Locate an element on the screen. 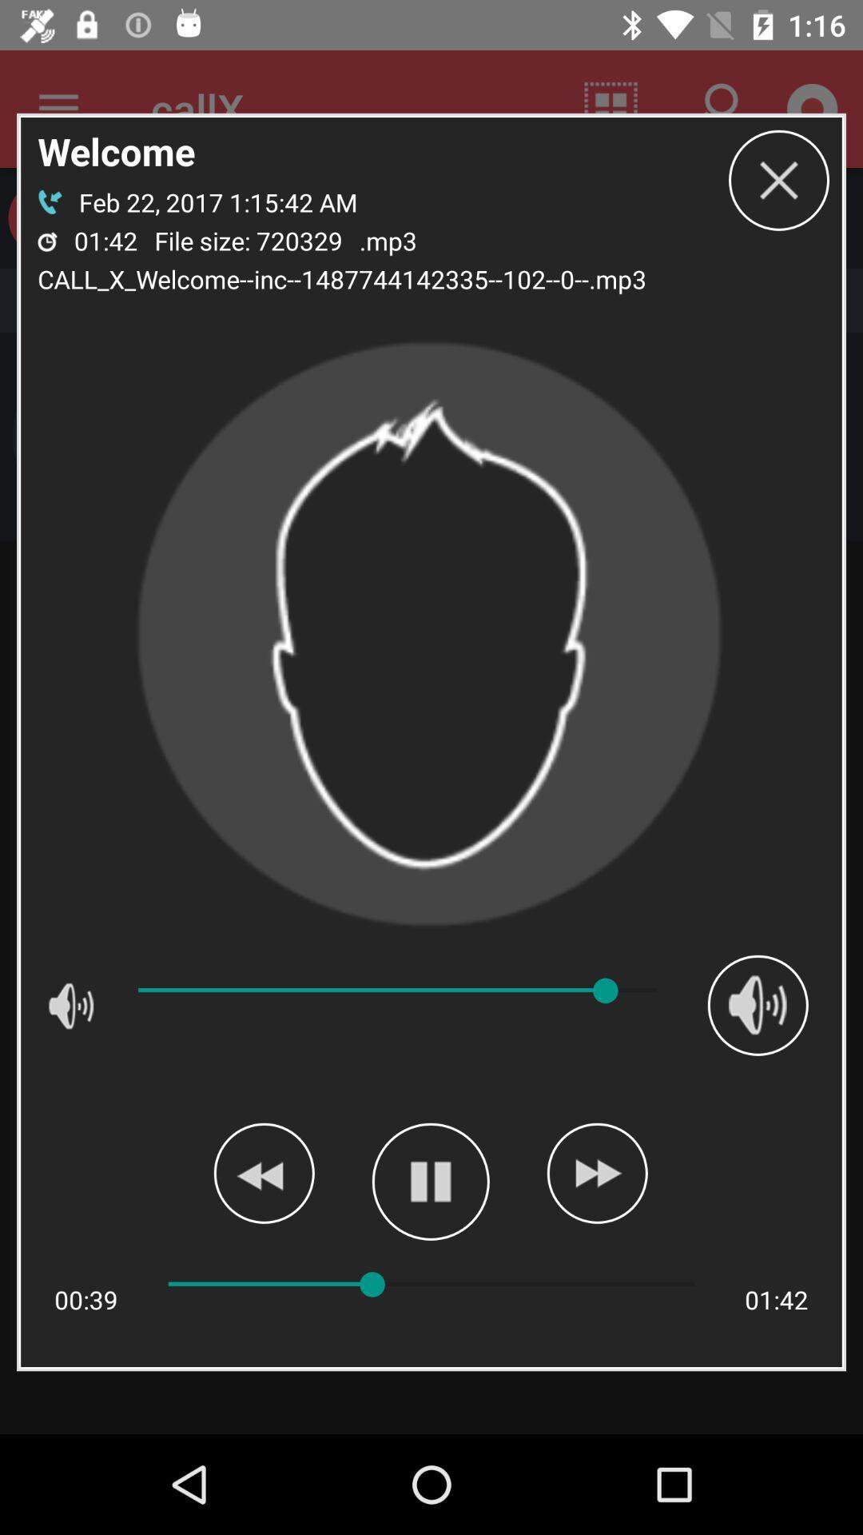 The height and width of the screenshot is (1535, 863). the av_rewind icon is located at coordinates (263, 1173).